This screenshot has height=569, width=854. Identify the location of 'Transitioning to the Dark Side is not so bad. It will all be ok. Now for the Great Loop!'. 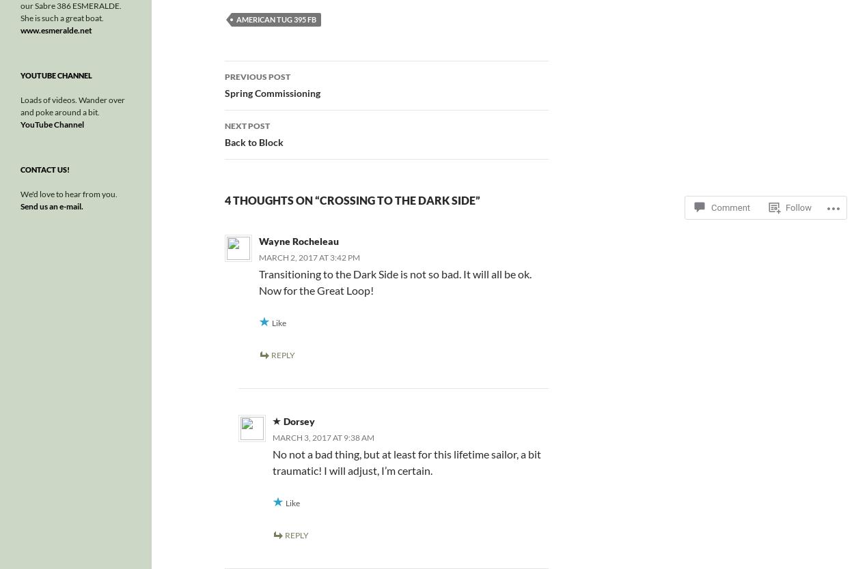
(394, 281).